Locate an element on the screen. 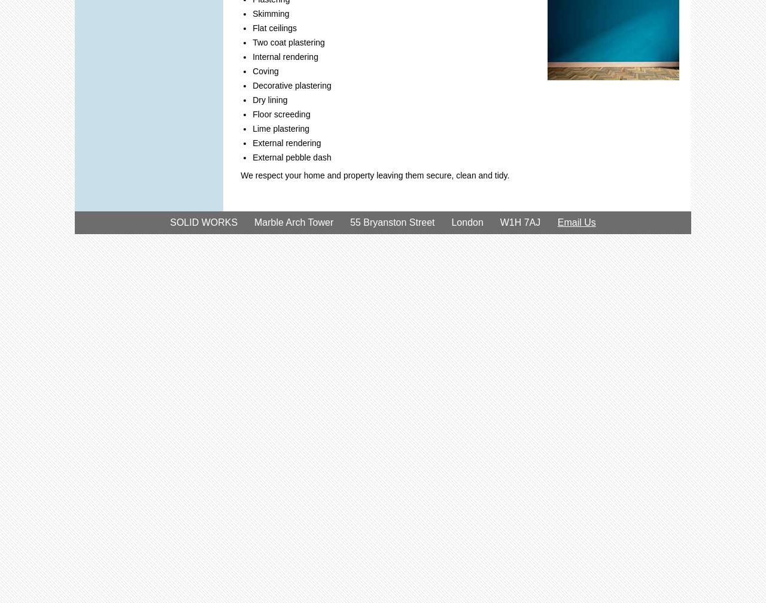 Image resolution: width=766 pixels, height=603 pixels. 'Coving' is located at coordinates (252, 71).